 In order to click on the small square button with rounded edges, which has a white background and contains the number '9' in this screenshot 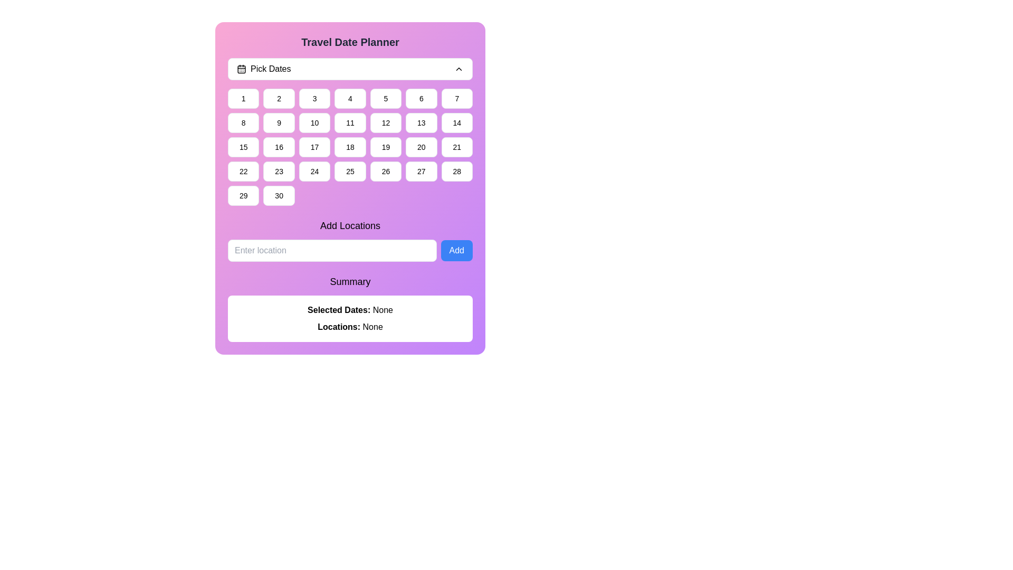, I will do `click(279, 122)`.